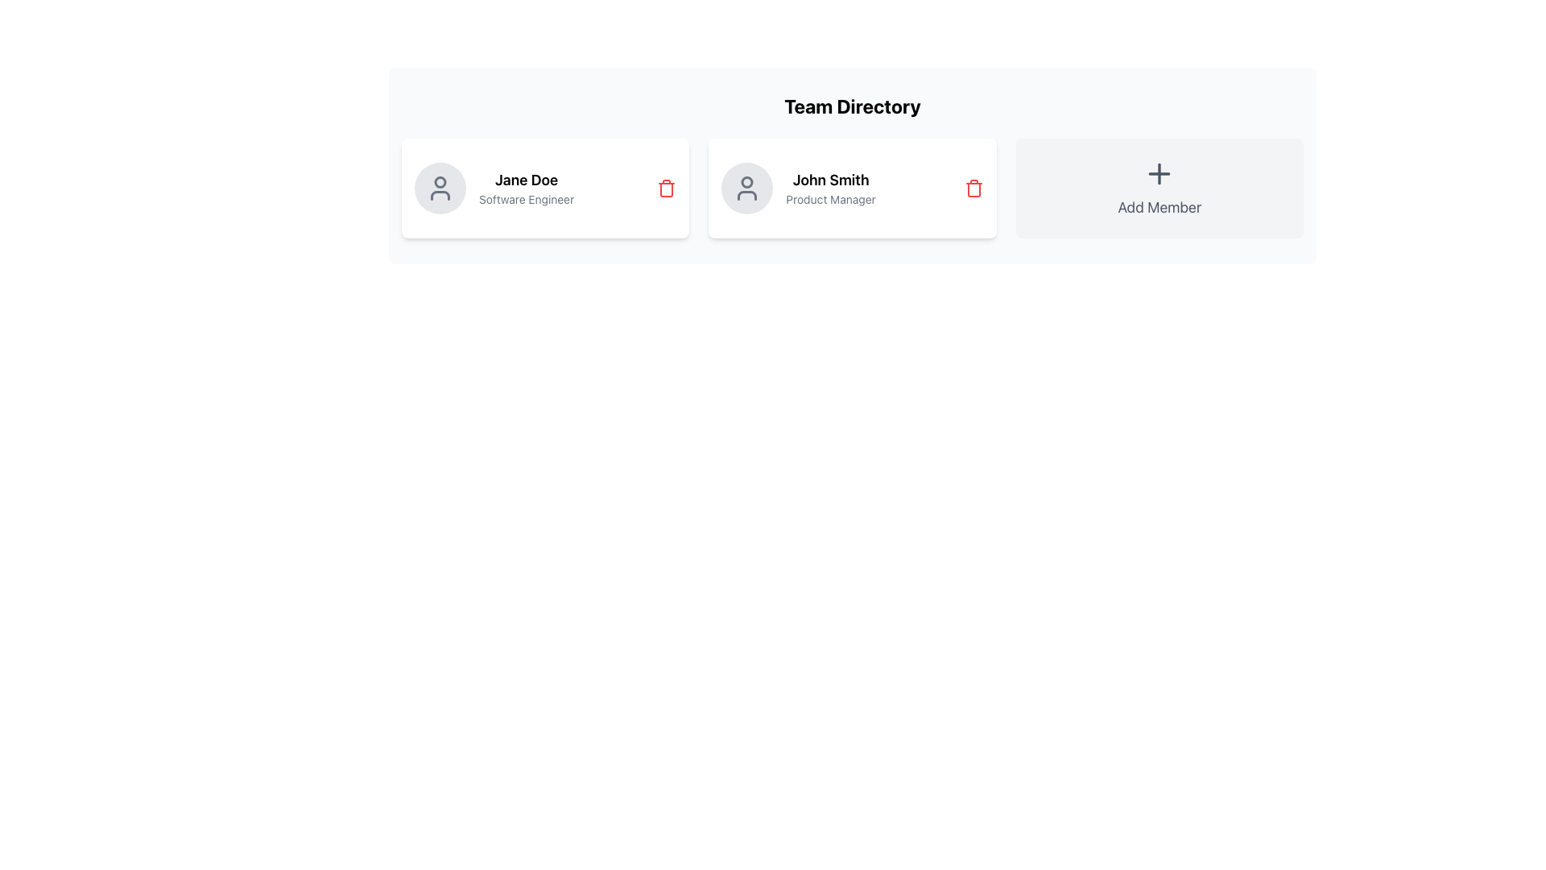 The width and height of the screenshot is (1546, 870). I want to click on the circular Profile image placeholder with a light gray background and a dark gray user icon, located in the card section titled 'John Smith - Product Manager', so click(746, 188).